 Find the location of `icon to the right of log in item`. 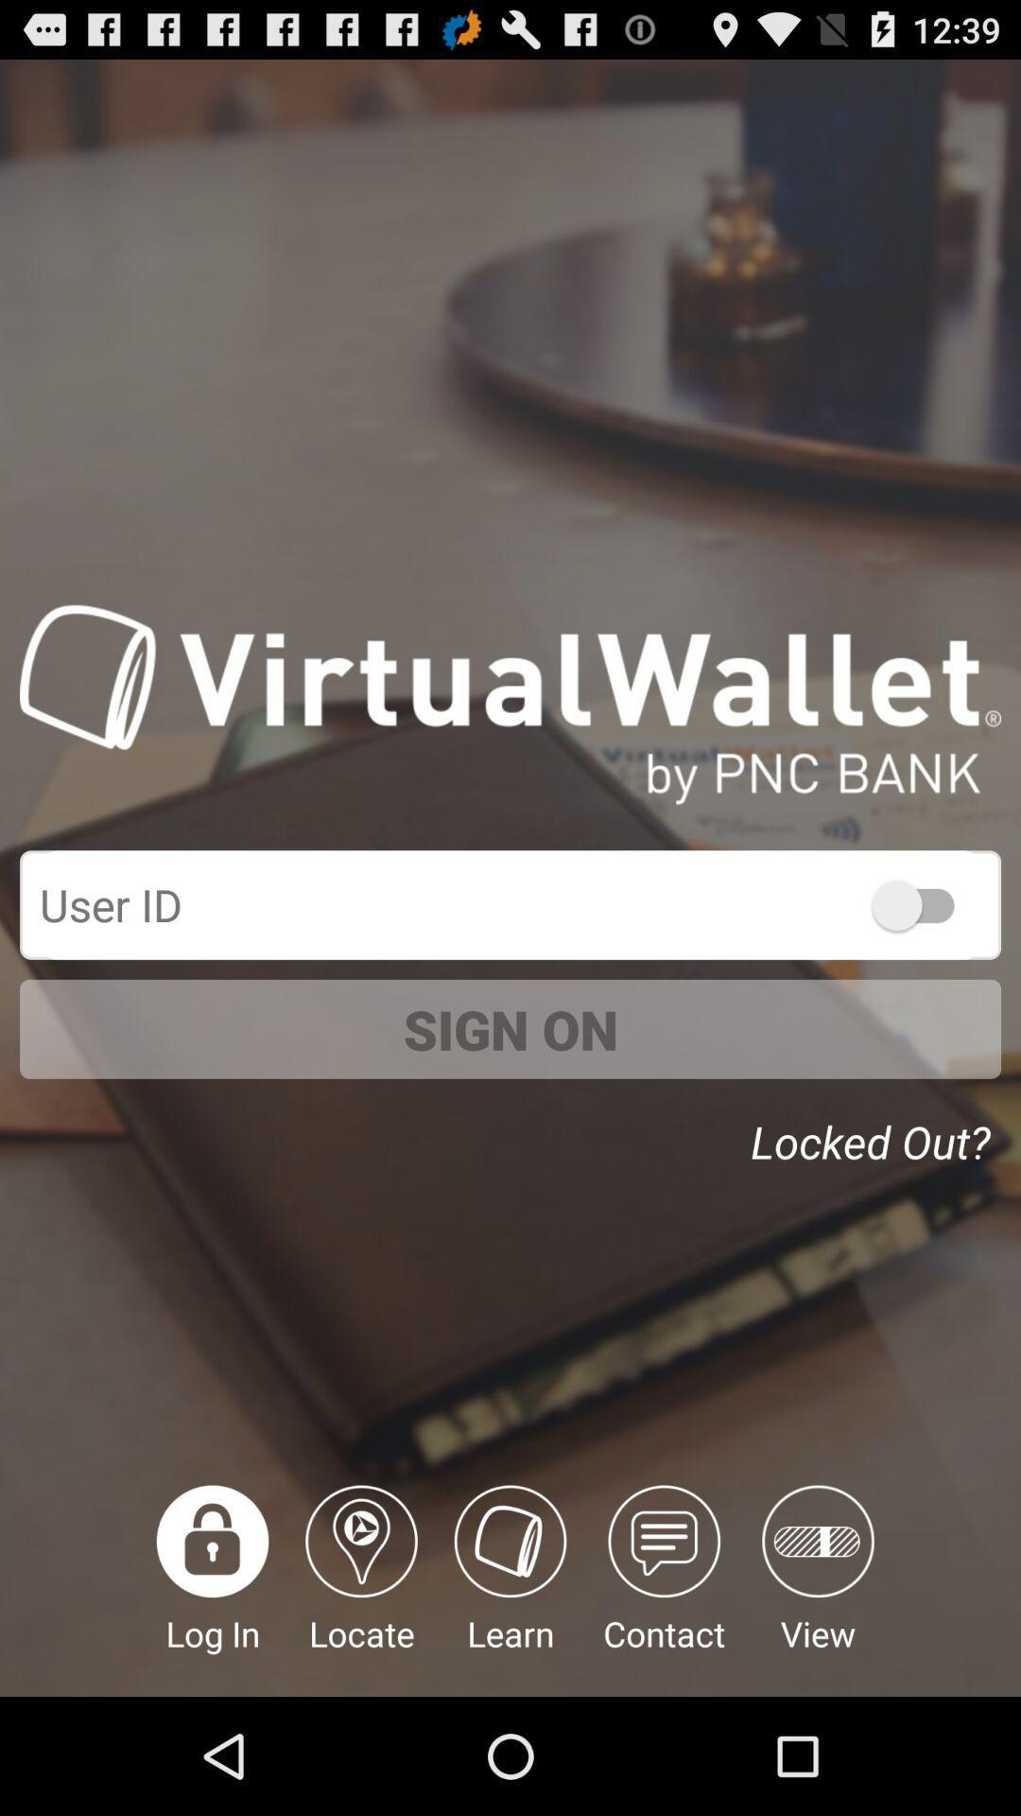

icon to the right of log in item is located at coordinates (361, 1590).